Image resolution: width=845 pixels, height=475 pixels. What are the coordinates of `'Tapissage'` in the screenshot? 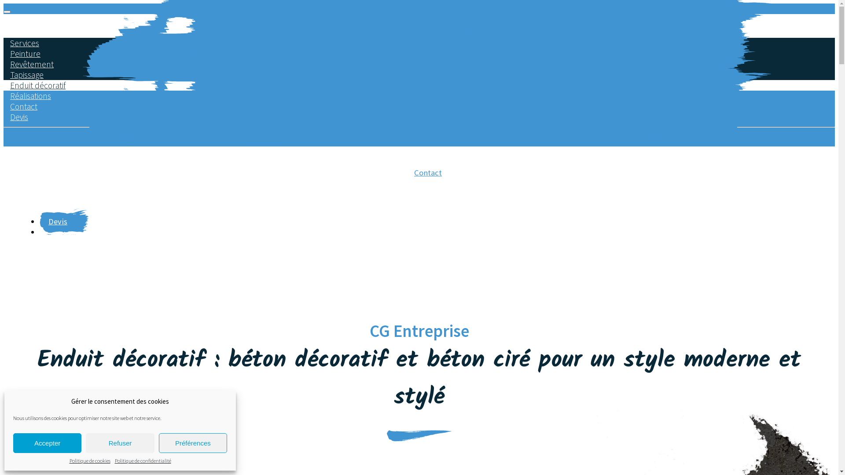 It's located at (4, 74).